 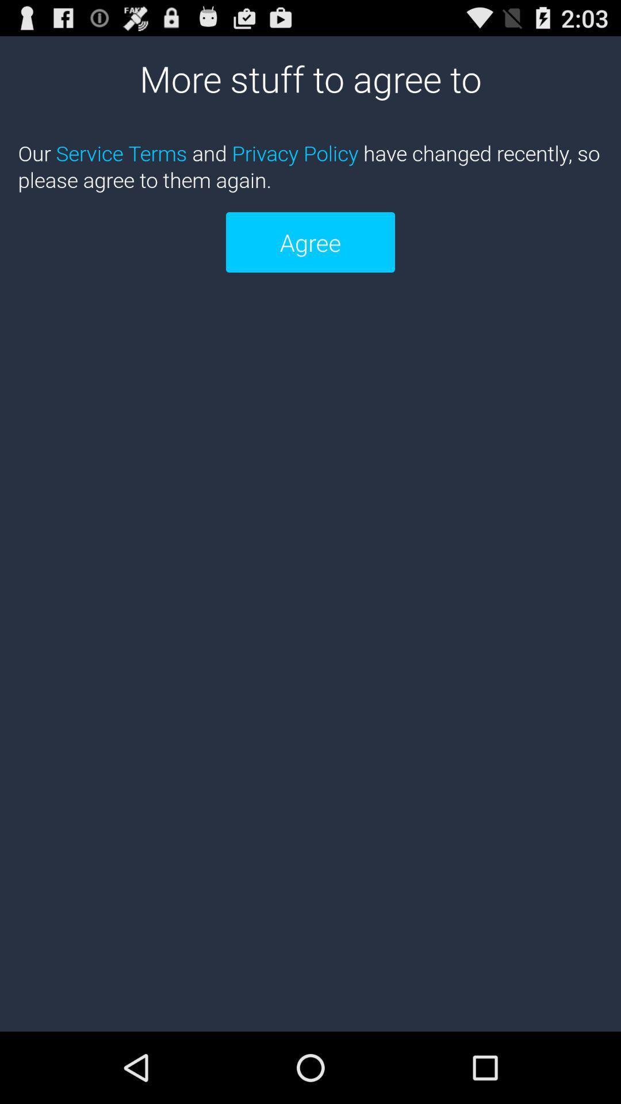 I want to click on our service terms, so click(x=310, y=166).